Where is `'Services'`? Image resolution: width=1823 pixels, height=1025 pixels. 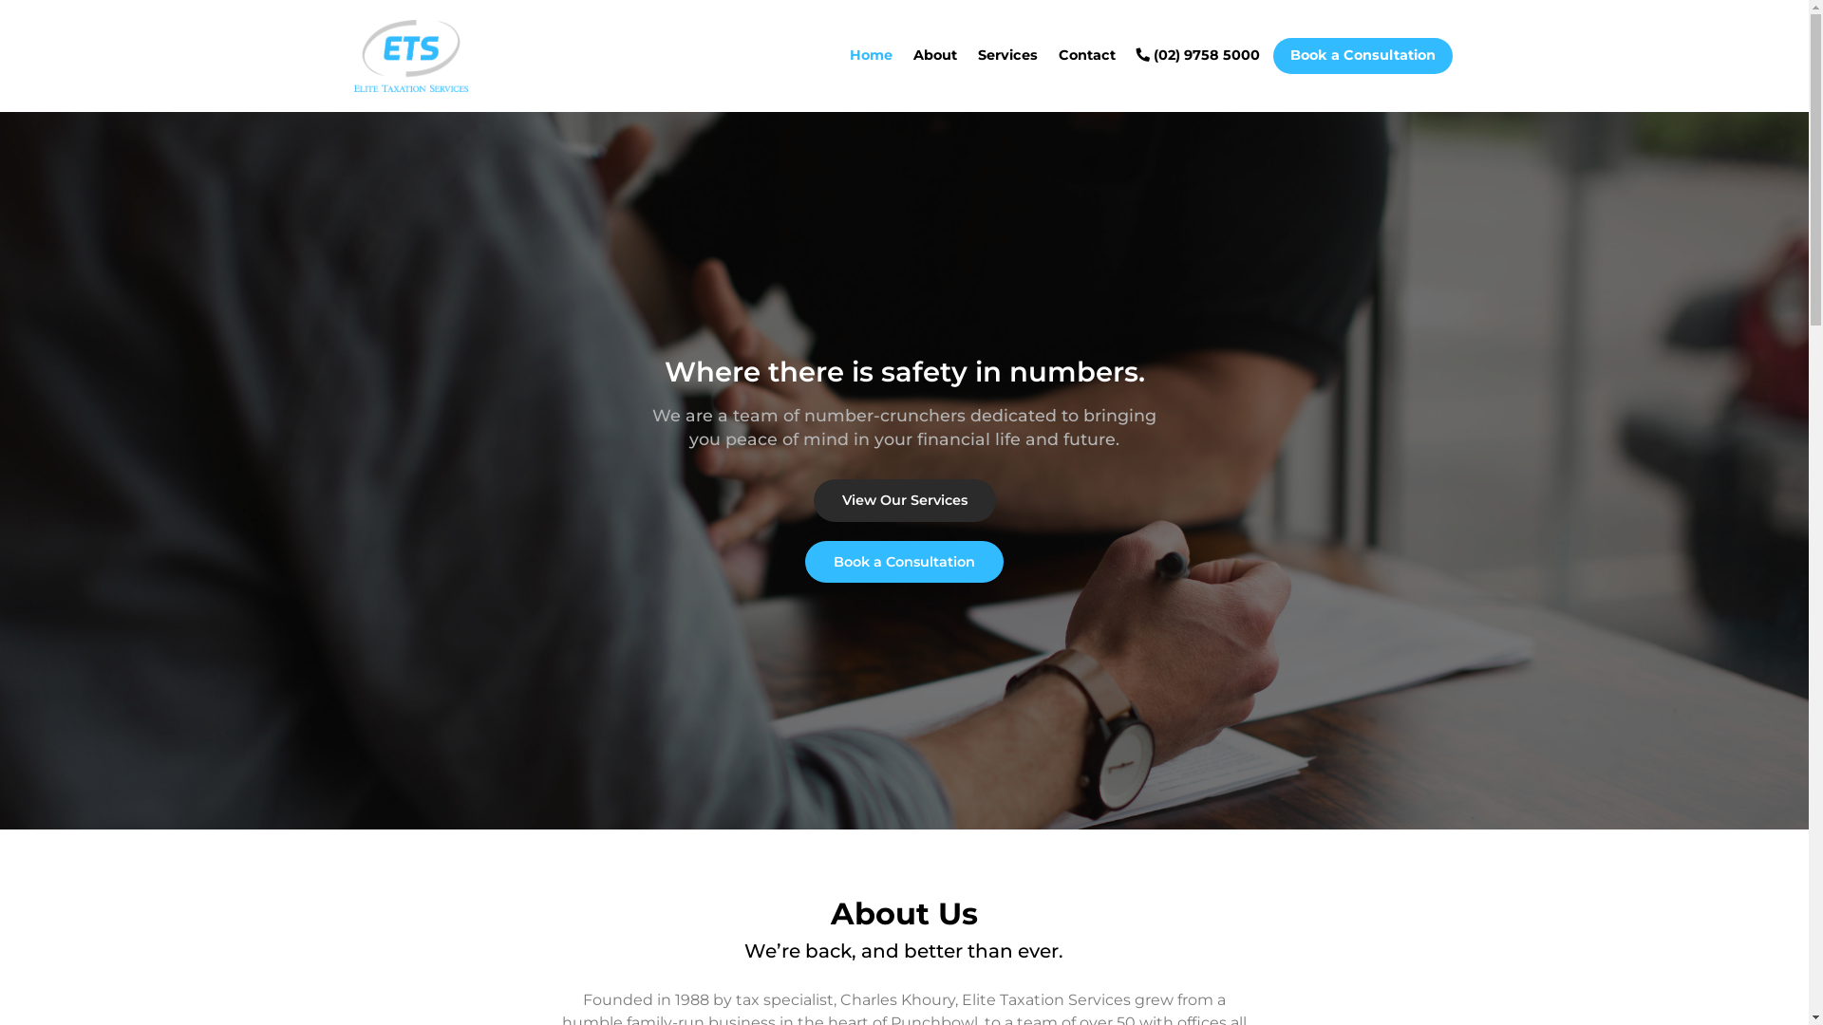 'Services' is located at coordinates (1006, 54).